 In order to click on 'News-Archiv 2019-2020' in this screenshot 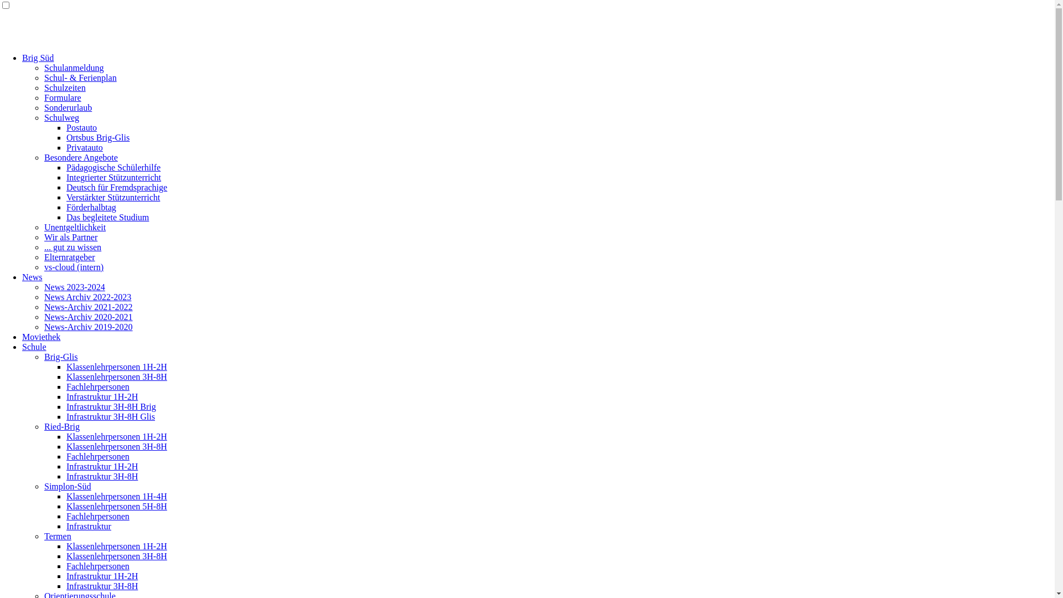, I will do `click(87, 326)`.